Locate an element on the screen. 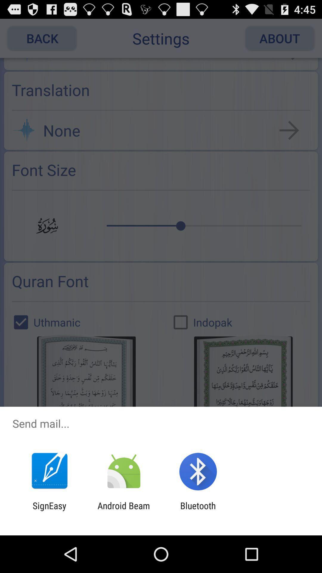 Image resolution: width=322 pixels, height=573 pixels. the icon to the right of the android beam item is located at coordinates (198, 511).